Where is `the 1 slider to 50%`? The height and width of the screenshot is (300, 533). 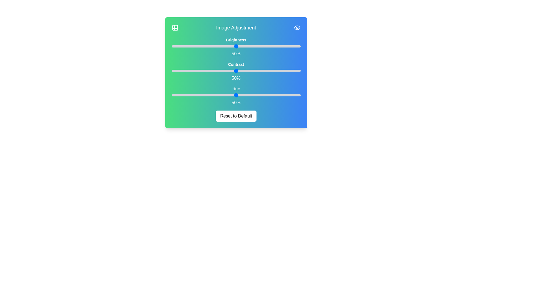 the 1 slider to 50% is located at coordinates (300, 70).